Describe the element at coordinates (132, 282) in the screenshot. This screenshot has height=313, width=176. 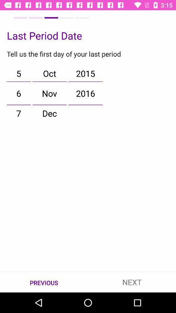
I see `item to the right of the previous item` at that location.